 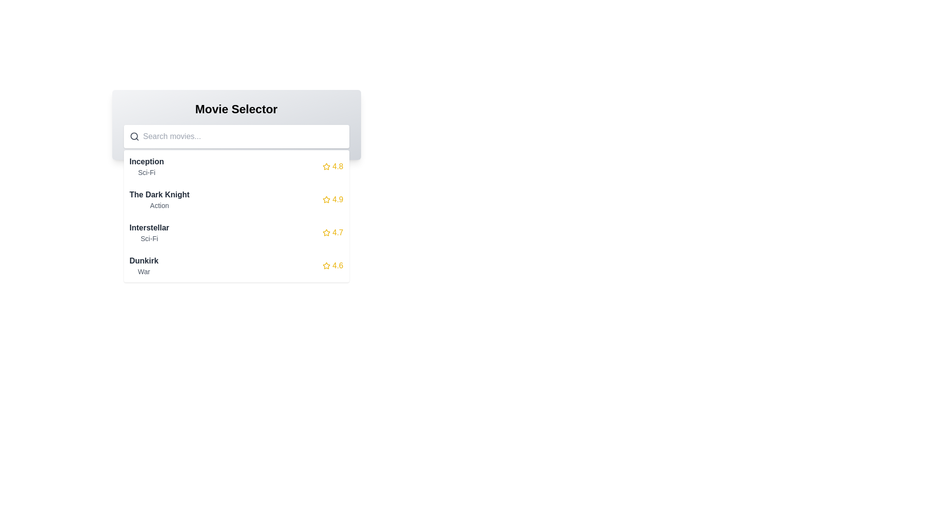 I want to click on the star icon representing a rating system for the movie 'Interstellar', positioned to the left of the rating value '4.7', so click(x=327, y=232).